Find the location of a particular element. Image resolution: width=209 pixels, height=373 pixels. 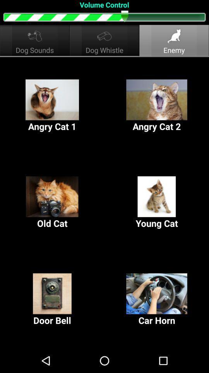

the item above door bell item is located at coordinates (52, 202).